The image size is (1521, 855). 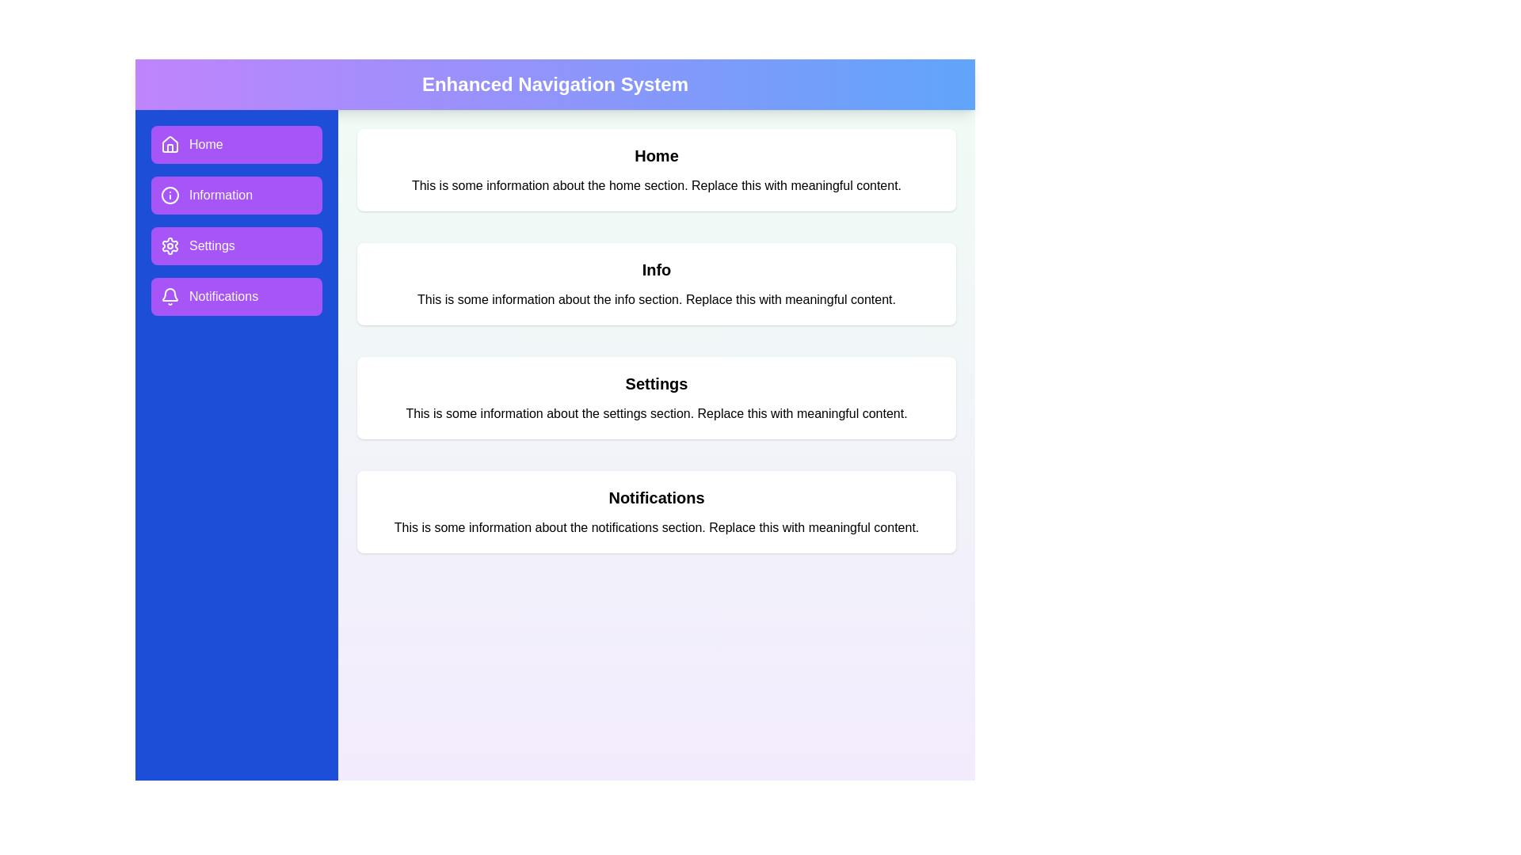 What do you see at coordinates (170, 246) in the screenshot?
I see `the gear icon in the vertical sidebar menu` at bounding box center [170, 246].